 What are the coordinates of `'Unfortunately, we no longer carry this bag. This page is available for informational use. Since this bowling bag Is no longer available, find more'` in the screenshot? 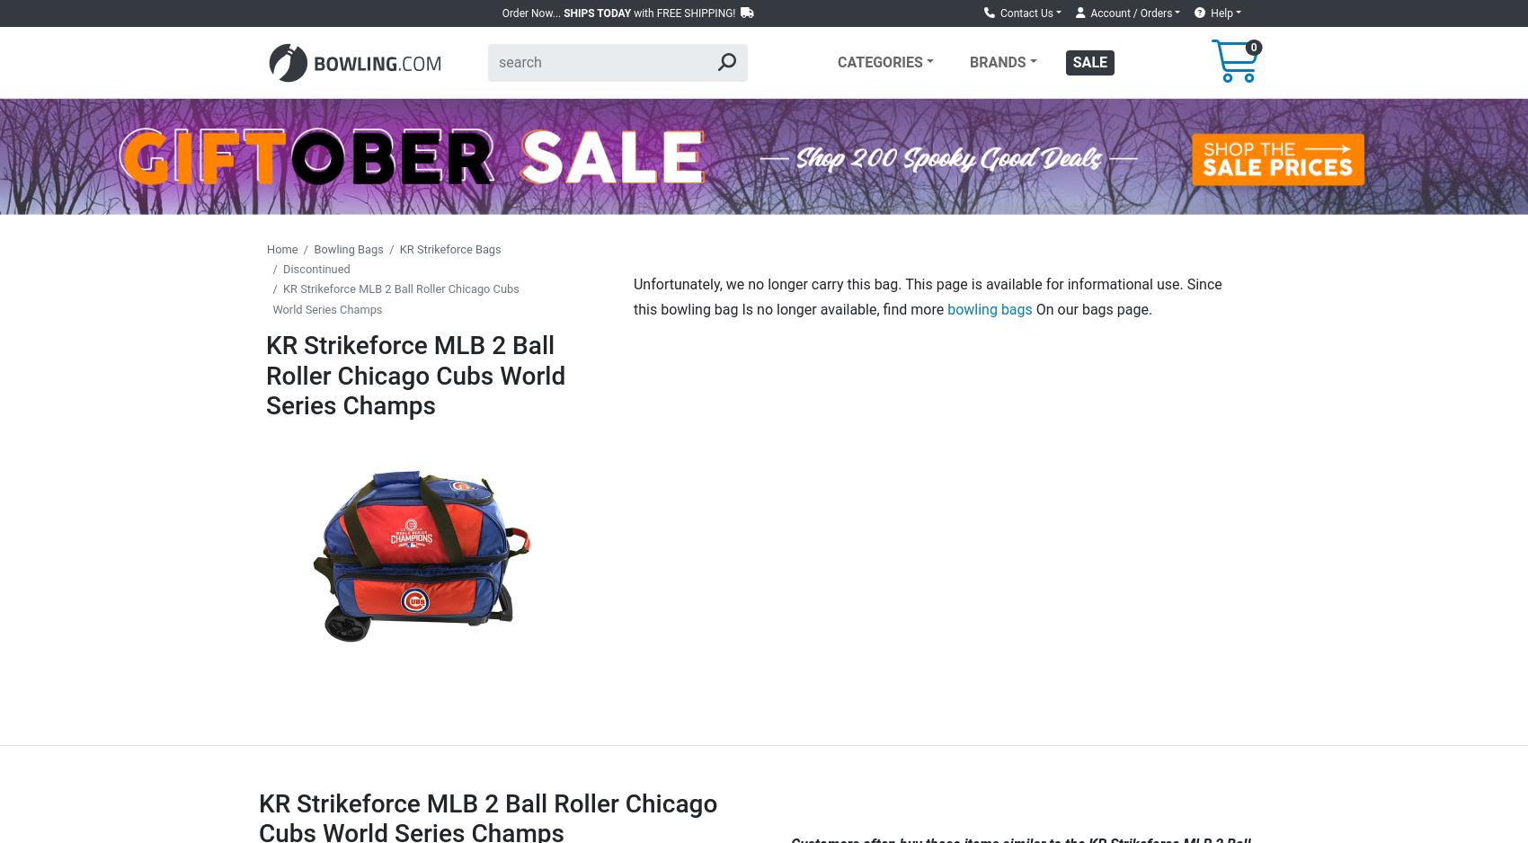 It's located at (926, 295).